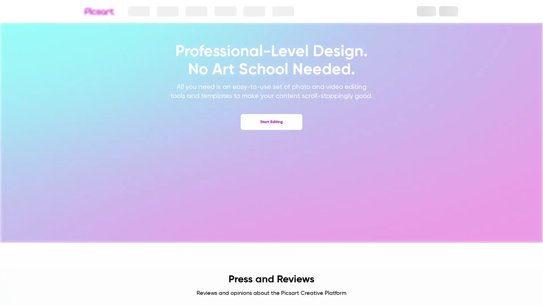 The width and height of the screenshot is (543, 305). Describe the element at coordinates (423, 11) in the screenshot. I see `Log in` at that location.